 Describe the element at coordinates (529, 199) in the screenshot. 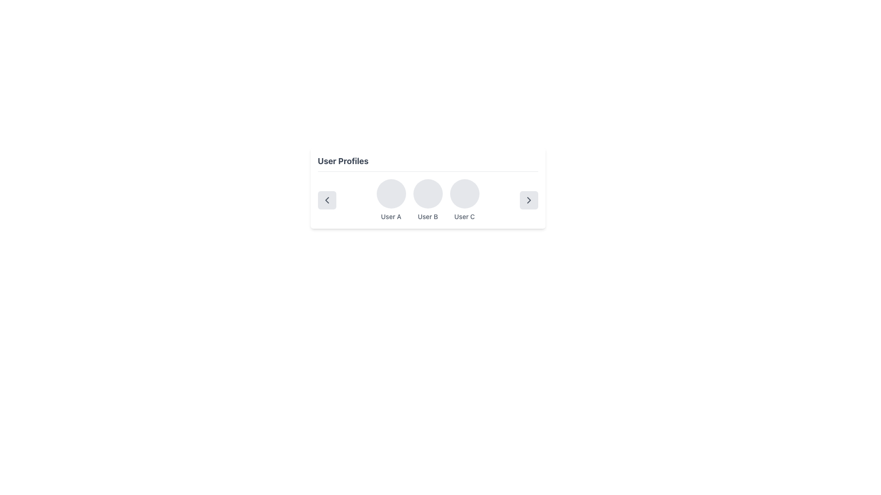

I see `the right-pointing arrow icon styled with a thin solid outline in the button located at the far right side of the 'User Profiles' section` at that location.